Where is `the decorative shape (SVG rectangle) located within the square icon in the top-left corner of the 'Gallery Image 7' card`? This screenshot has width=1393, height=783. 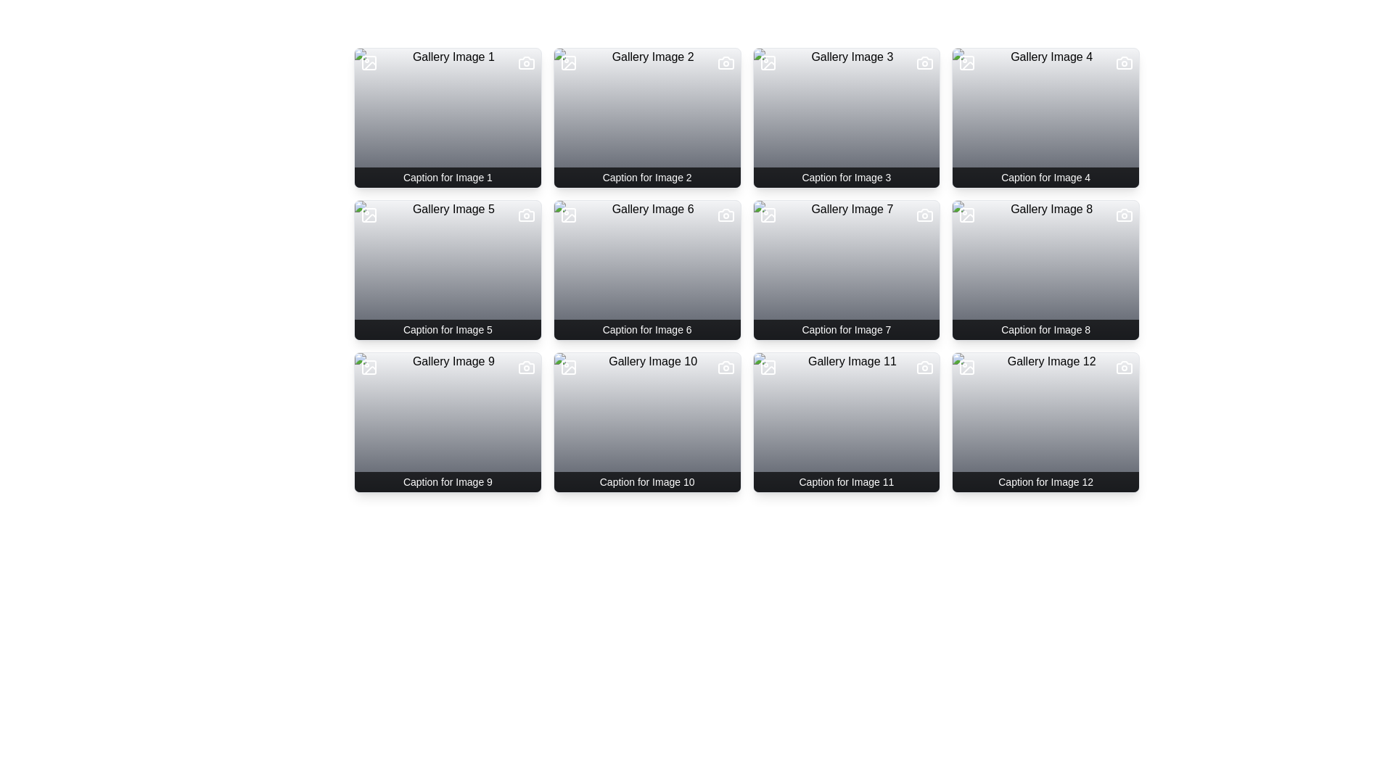
the decorative shape (SVG rectangle) located within the square icon in the top-left corner of the 'Gallery Image 7' card is located at coordinates (767, 215).